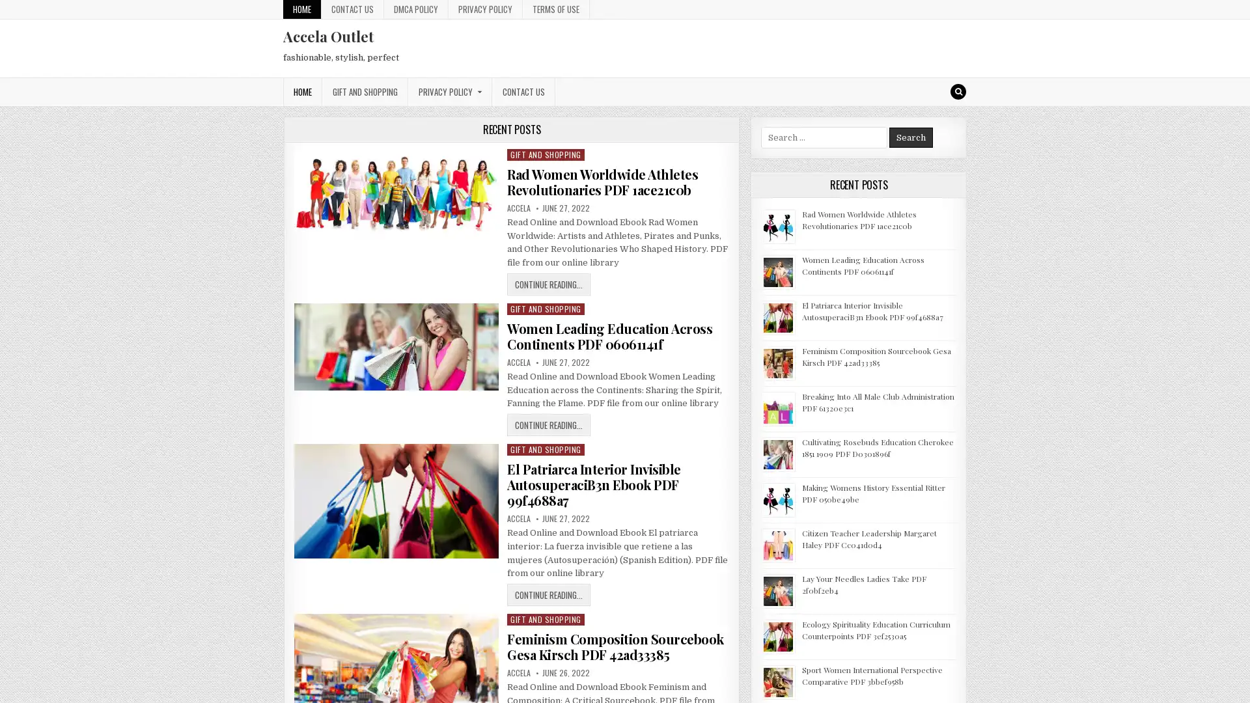 This screenshot has width=1250, height=703. I want to click on Search, so click(910, 137).